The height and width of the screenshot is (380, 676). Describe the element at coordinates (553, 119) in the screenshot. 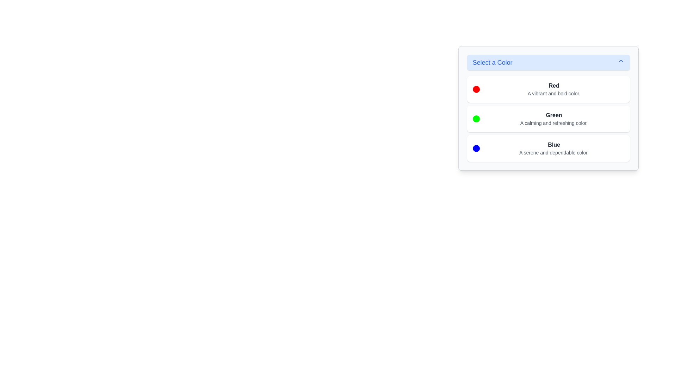

I see `the Text Block that provides information about the 'Green' color, located centrally within the second card of the color selection options` at that location.